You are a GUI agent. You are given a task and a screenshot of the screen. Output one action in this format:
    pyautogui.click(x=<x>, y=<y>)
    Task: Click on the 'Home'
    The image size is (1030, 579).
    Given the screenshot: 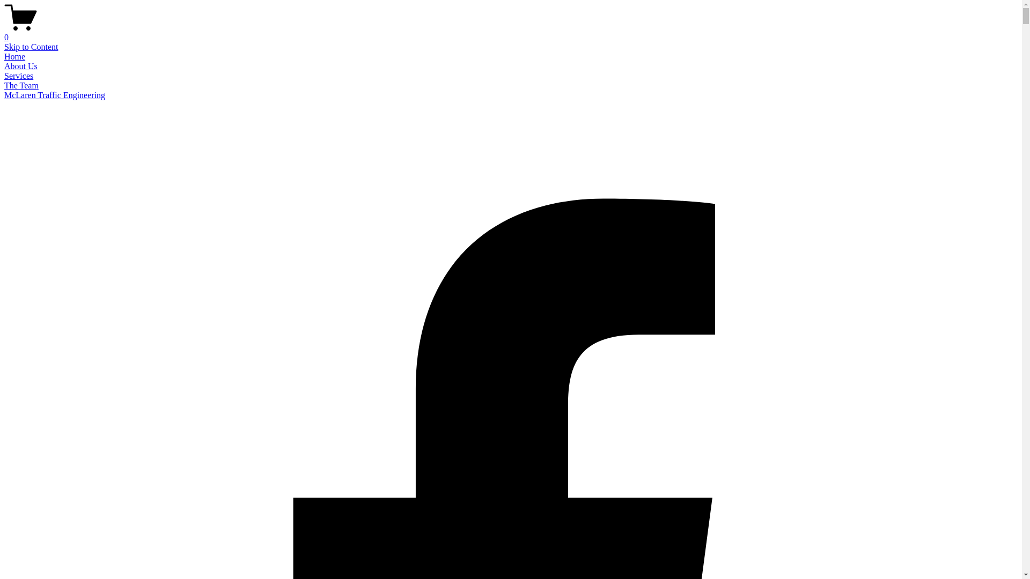 What is the action you would take?
    pyautogui.click(x=14, y=56)
    